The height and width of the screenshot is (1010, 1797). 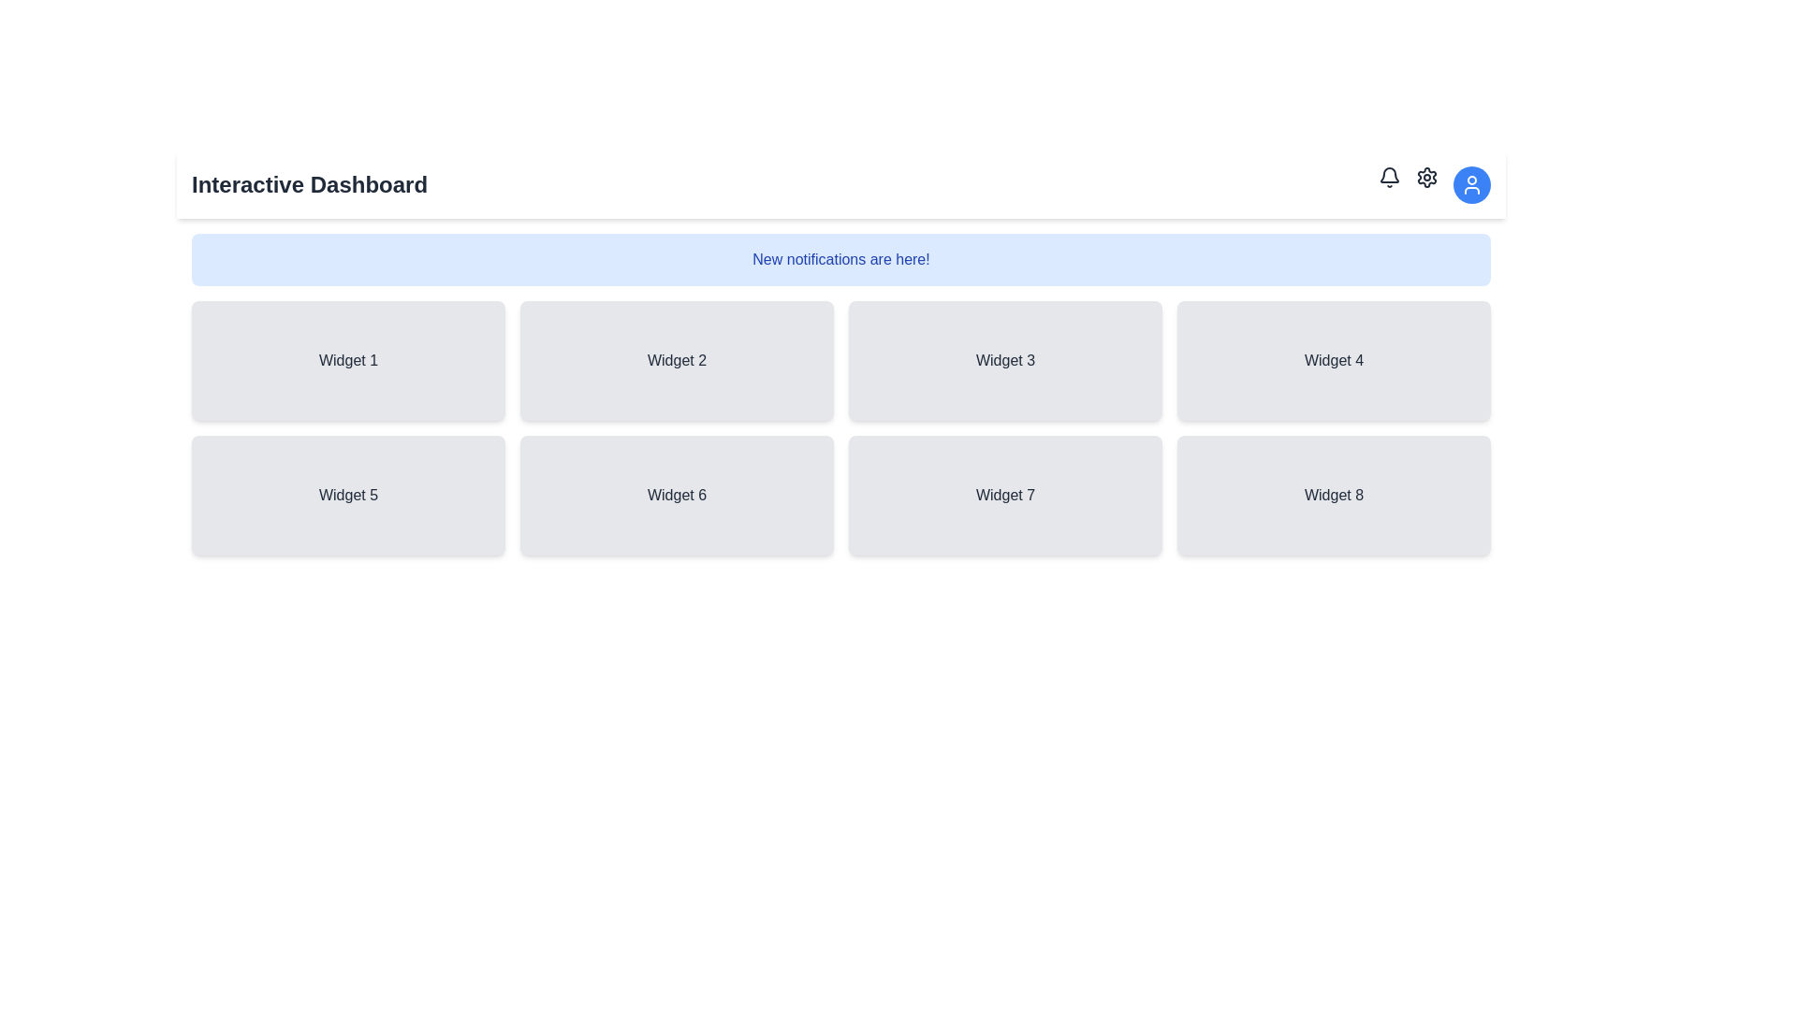 I want to click on the sixth card in the grid layout, so click(x=676, y=494).